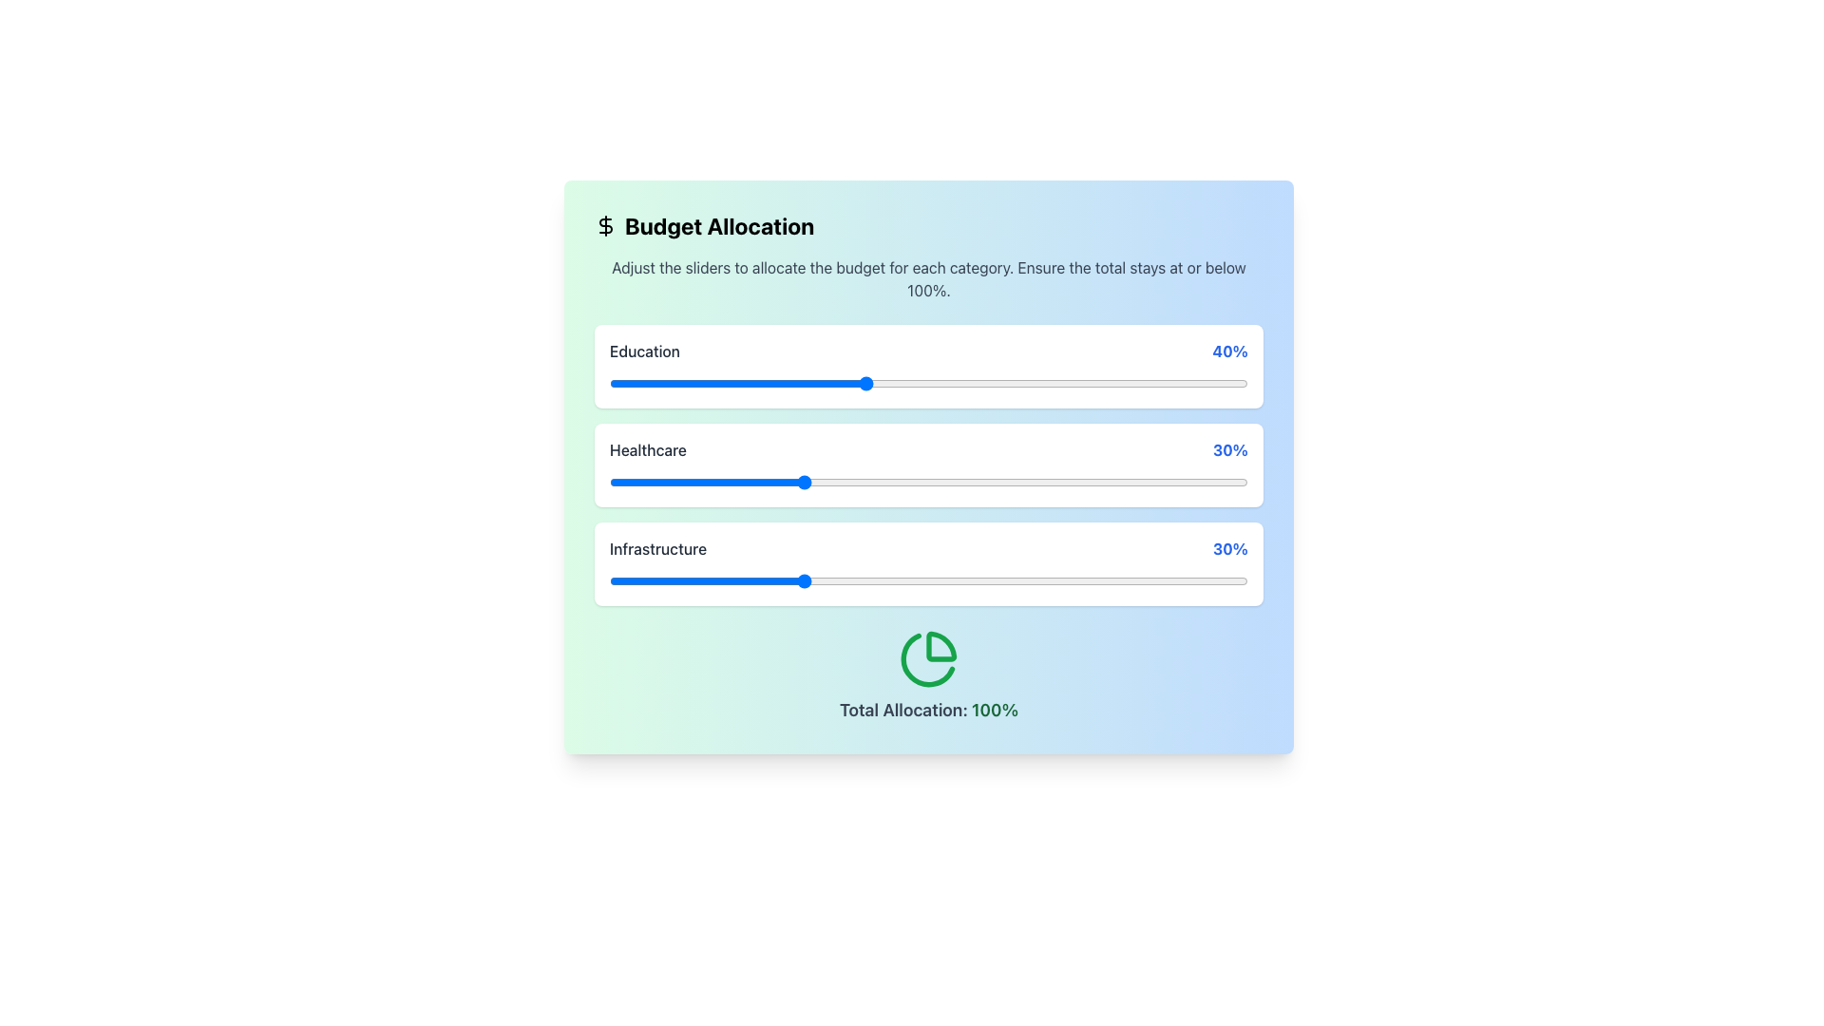  What do you see at coordinates (1170, 482) in the screenshot?
I see `healthcare allocation` at bounding box center [1170, 482].